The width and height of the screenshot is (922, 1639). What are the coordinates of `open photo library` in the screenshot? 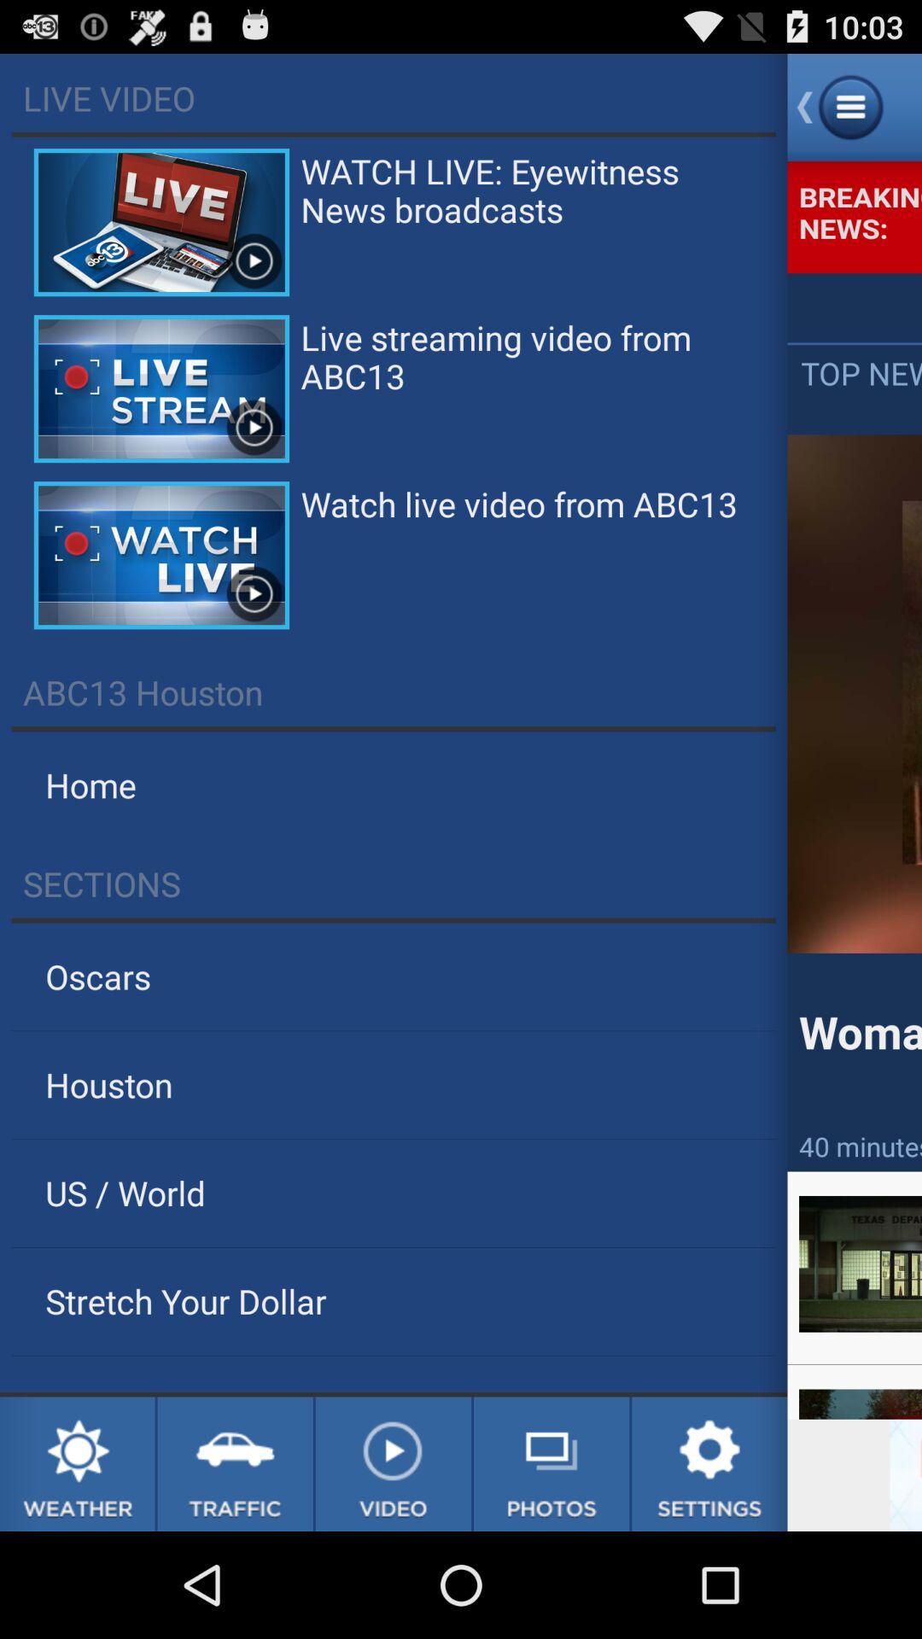 It's located at (551, 1463).